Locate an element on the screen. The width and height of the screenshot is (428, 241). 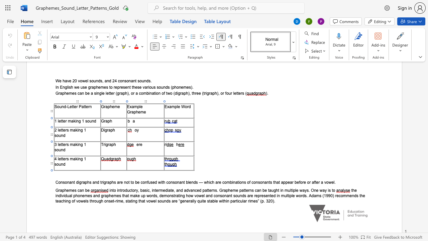
the 8th character "i" in the text is located at coordinates (328, 190).